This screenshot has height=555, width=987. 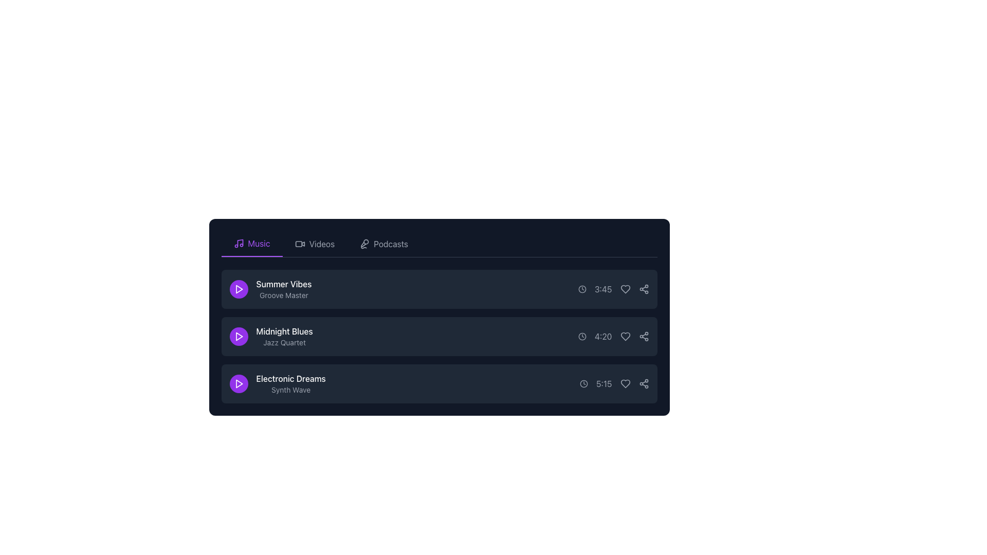 What do you see at coordinates (290, 390) in the screenshot?
I see `text label providing a genre descriptor for the 'Electronic Dreams' media item located in the 'Music' section of the media player interface` at bounding box center [290, 390].